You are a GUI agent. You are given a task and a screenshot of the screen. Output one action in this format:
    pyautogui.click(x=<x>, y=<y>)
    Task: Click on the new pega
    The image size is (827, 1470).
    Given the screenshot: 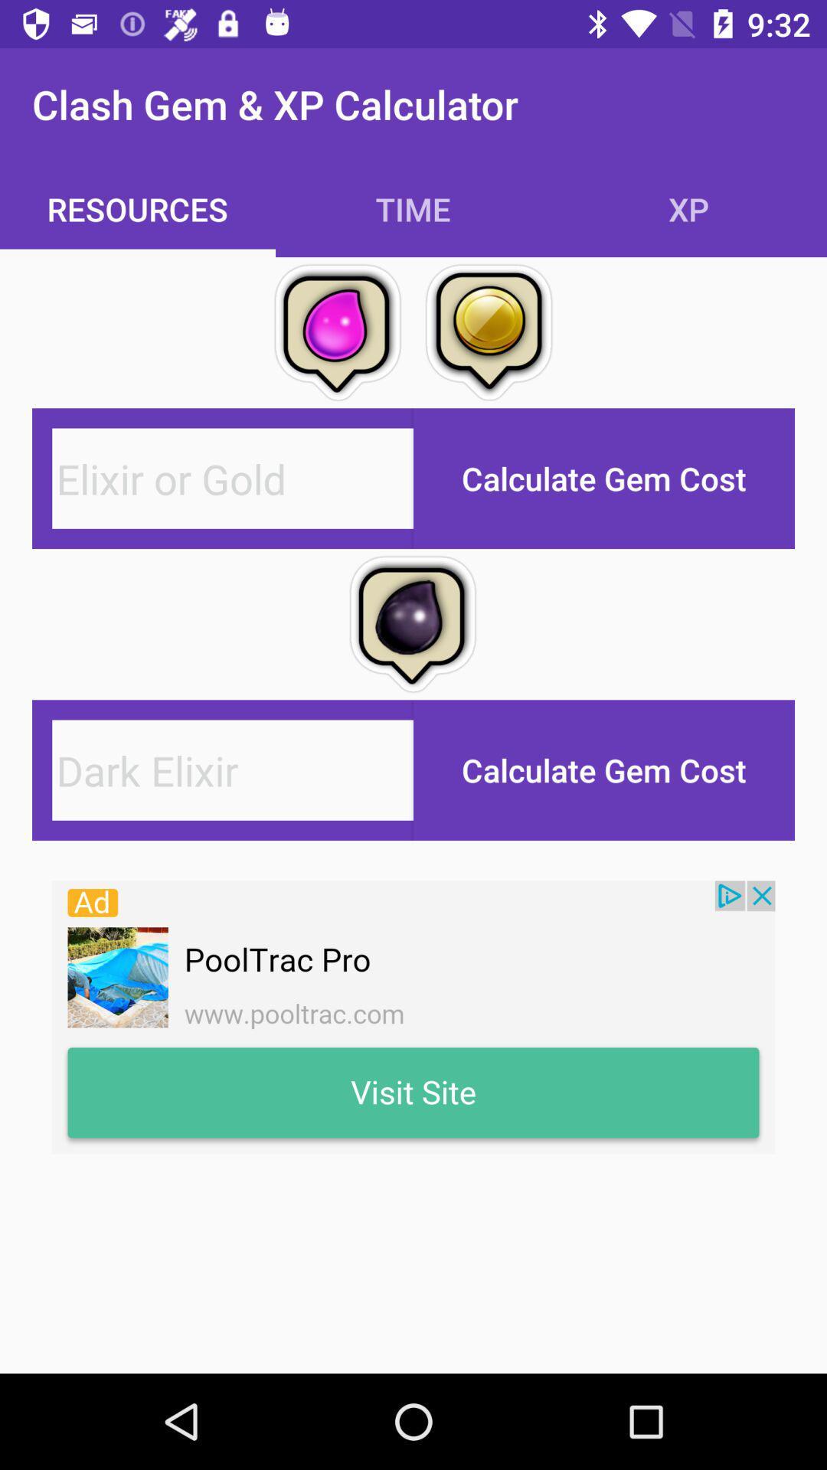 What is the action you would take?
    pyautogui.click(x=233, y=770)
    